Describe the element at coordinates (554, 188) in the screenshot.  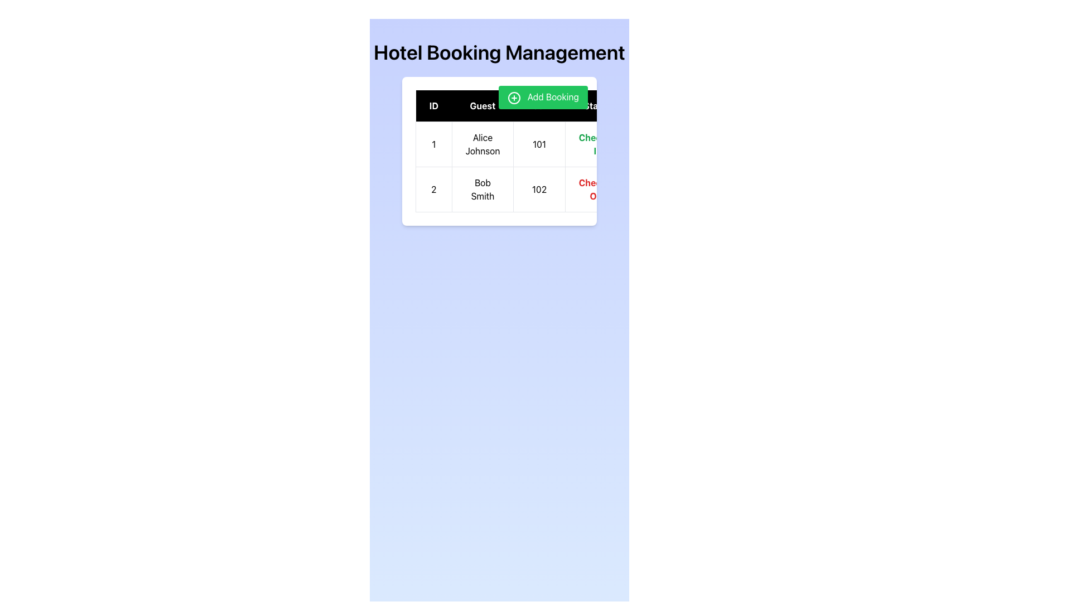
I see `the second row in the booking management table that contains the guest name 'Bob Smith'` at that location.